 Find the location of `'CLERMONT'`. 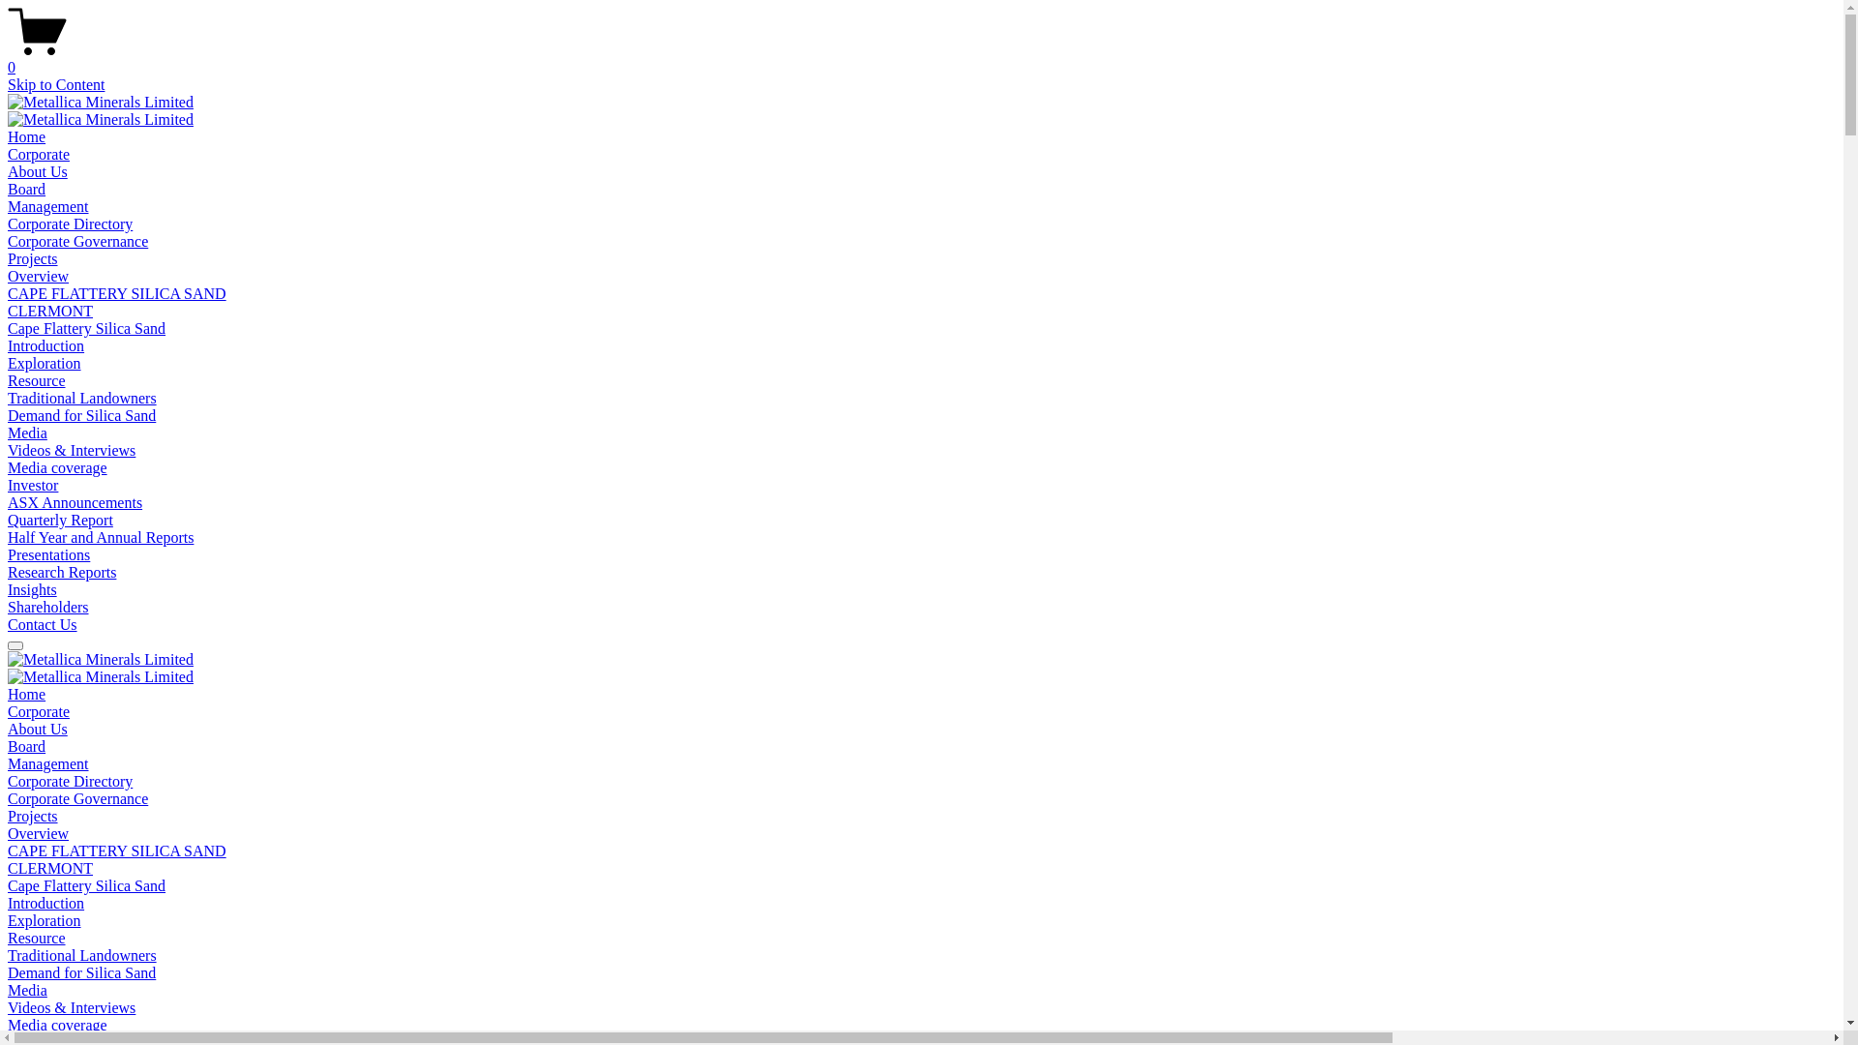

'CLERMONT' is located at coordinates (50, 867).